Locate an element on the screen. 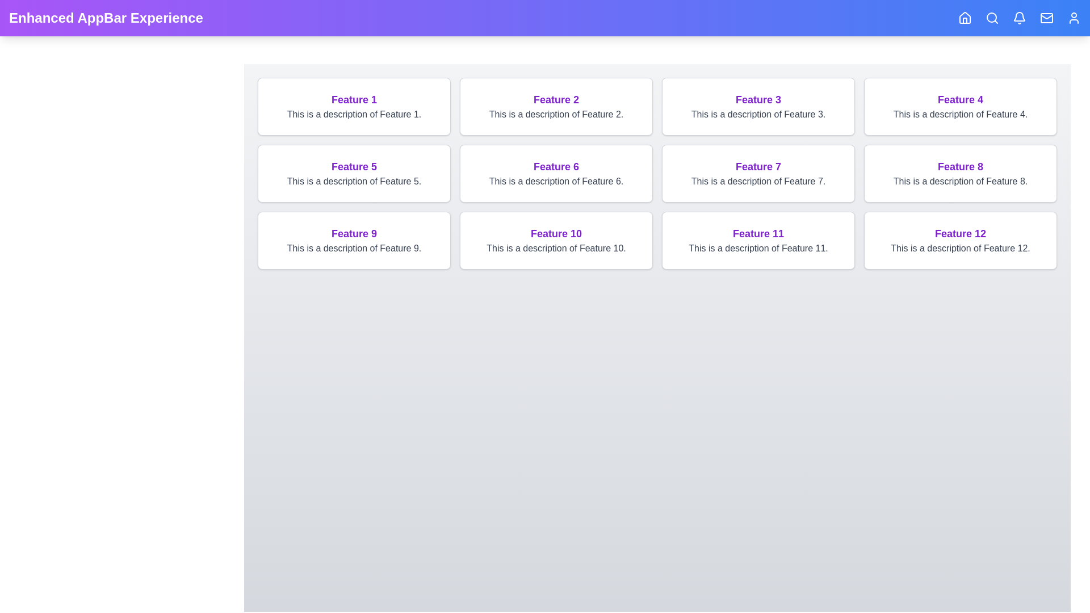  the header text by selecting it is located at coordinates (9, 9).